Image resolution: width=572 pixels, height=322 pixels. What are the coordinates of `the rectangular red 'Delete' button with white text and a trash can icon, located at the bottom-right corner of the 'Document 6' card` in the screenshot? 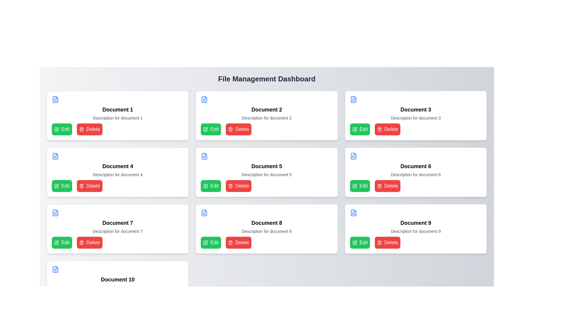 It's located at (388, 186).